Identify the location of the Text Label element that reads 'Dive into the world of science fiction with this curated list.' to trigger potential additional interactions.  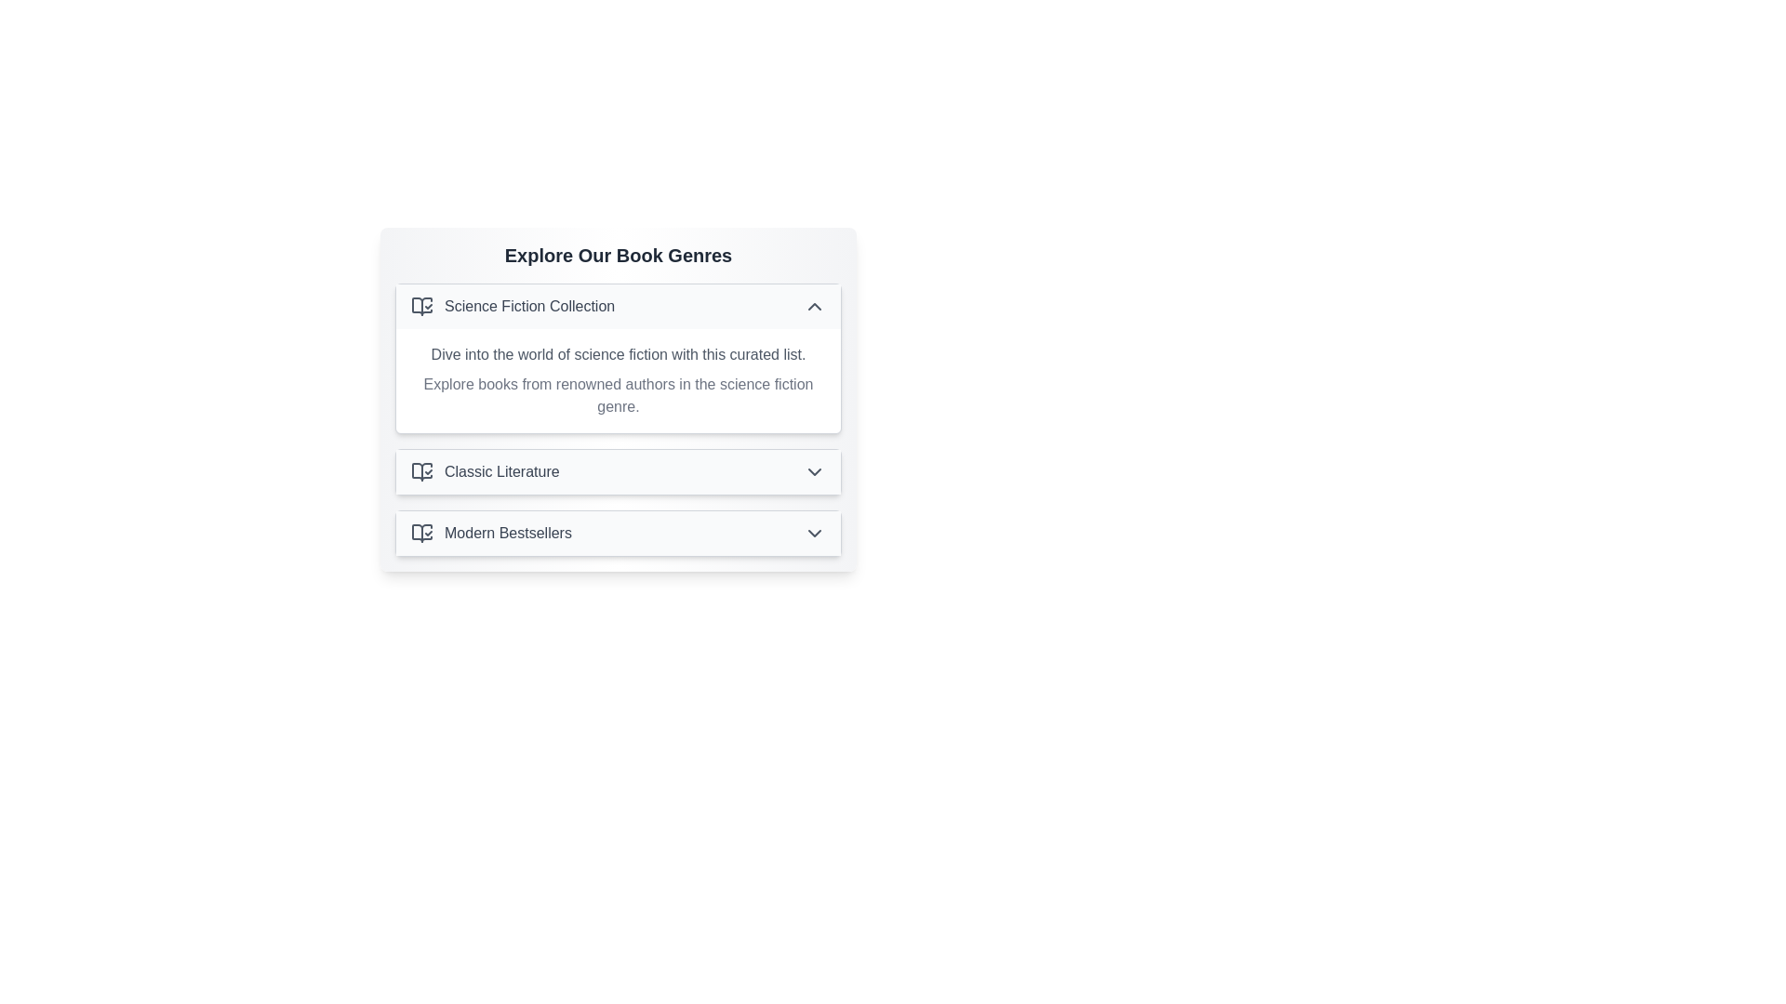
(619, 354).